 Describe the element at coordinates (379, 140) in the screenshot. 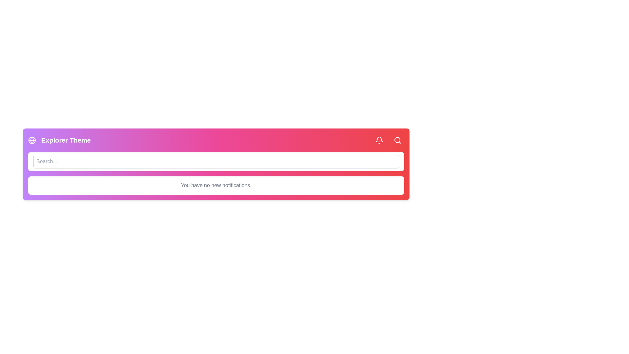

I see `the circular notification bell button, which has a red background and a bell icon` at that location.